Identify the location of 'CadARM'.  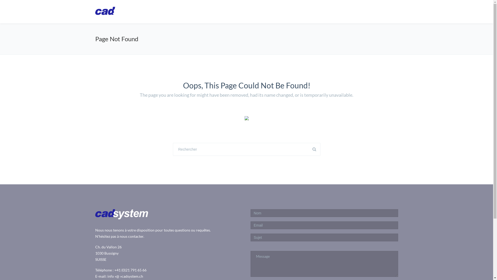
(279, 11).